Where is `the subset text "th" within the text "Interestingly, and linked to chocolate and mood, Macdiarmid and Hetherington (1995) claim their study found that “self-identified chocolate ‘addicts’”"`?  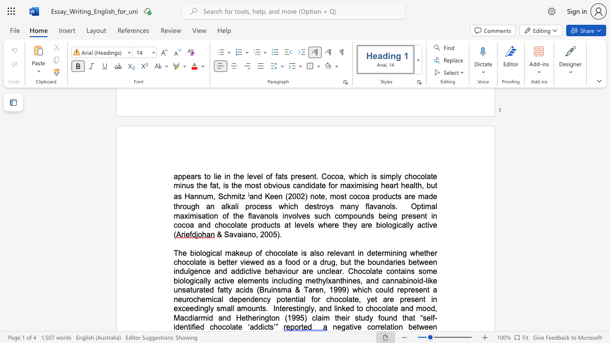
the subset text "th" within the text "Interestingly, and linked to chocolate and mood, Macdiarmid and Hetherington (1995) claim their study found that “self-identified chocolate ‘addicts’”" is located at coordinates (402, 318).